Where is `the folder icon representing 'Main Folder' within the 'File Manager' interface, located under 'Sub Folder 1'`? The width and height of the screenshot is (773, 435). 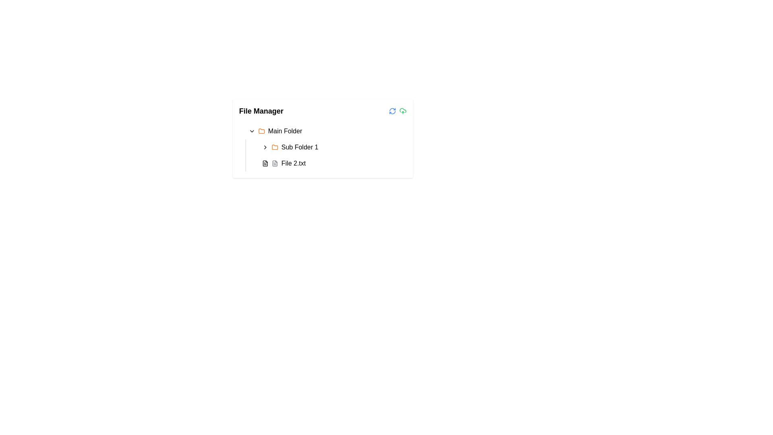 the folder icon representing 'Main Folder' within the 'File Manager' interface, located under 'Sub Folder 1' is located at coordinates (275, 147).